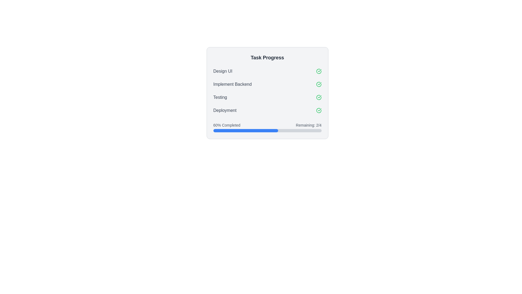  What do you see at coordinates (319, 110) in the screenshot?
I see `the Completion Indicator Icon that indicates the completed status of the 'Deployment' task in the progress list, located near the text 'Deployment' as the fourth icon in the sequence` at bounding box center [319, 110].